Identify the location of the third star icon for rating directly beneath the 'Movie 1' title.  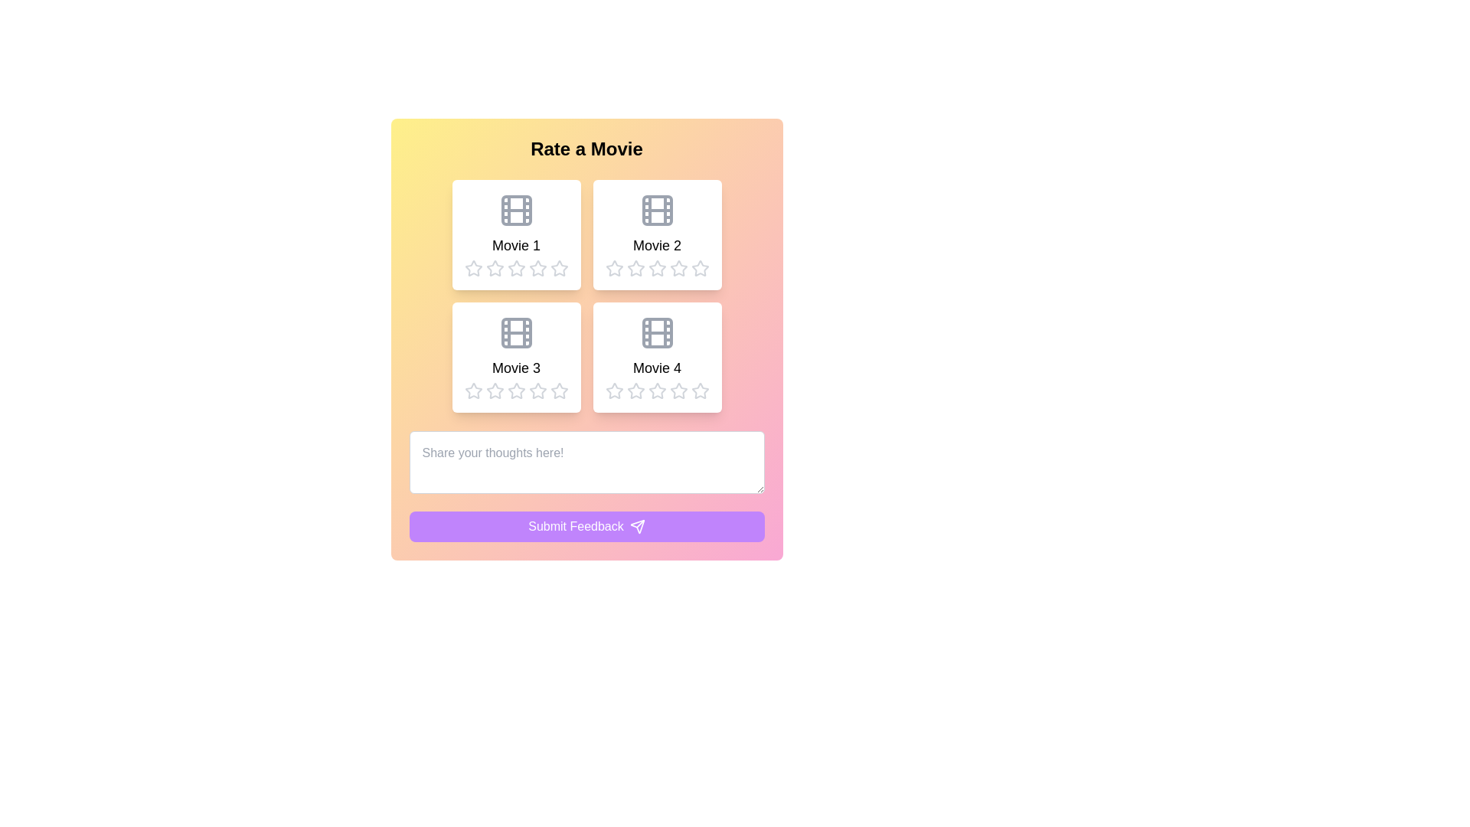
(516, 268).